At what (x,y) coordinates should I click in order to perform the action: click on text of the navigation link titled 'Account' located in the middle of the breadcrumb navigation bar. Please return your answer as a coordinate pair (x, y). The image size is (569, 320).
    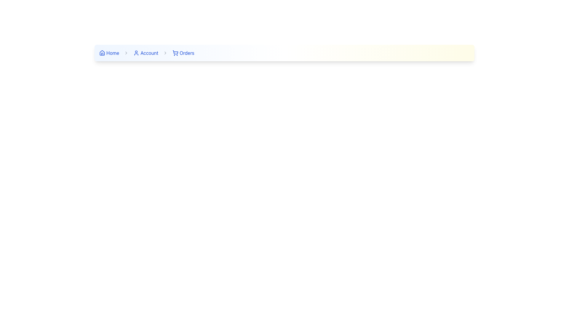
    Looking at the image, I should click on (149, 52).